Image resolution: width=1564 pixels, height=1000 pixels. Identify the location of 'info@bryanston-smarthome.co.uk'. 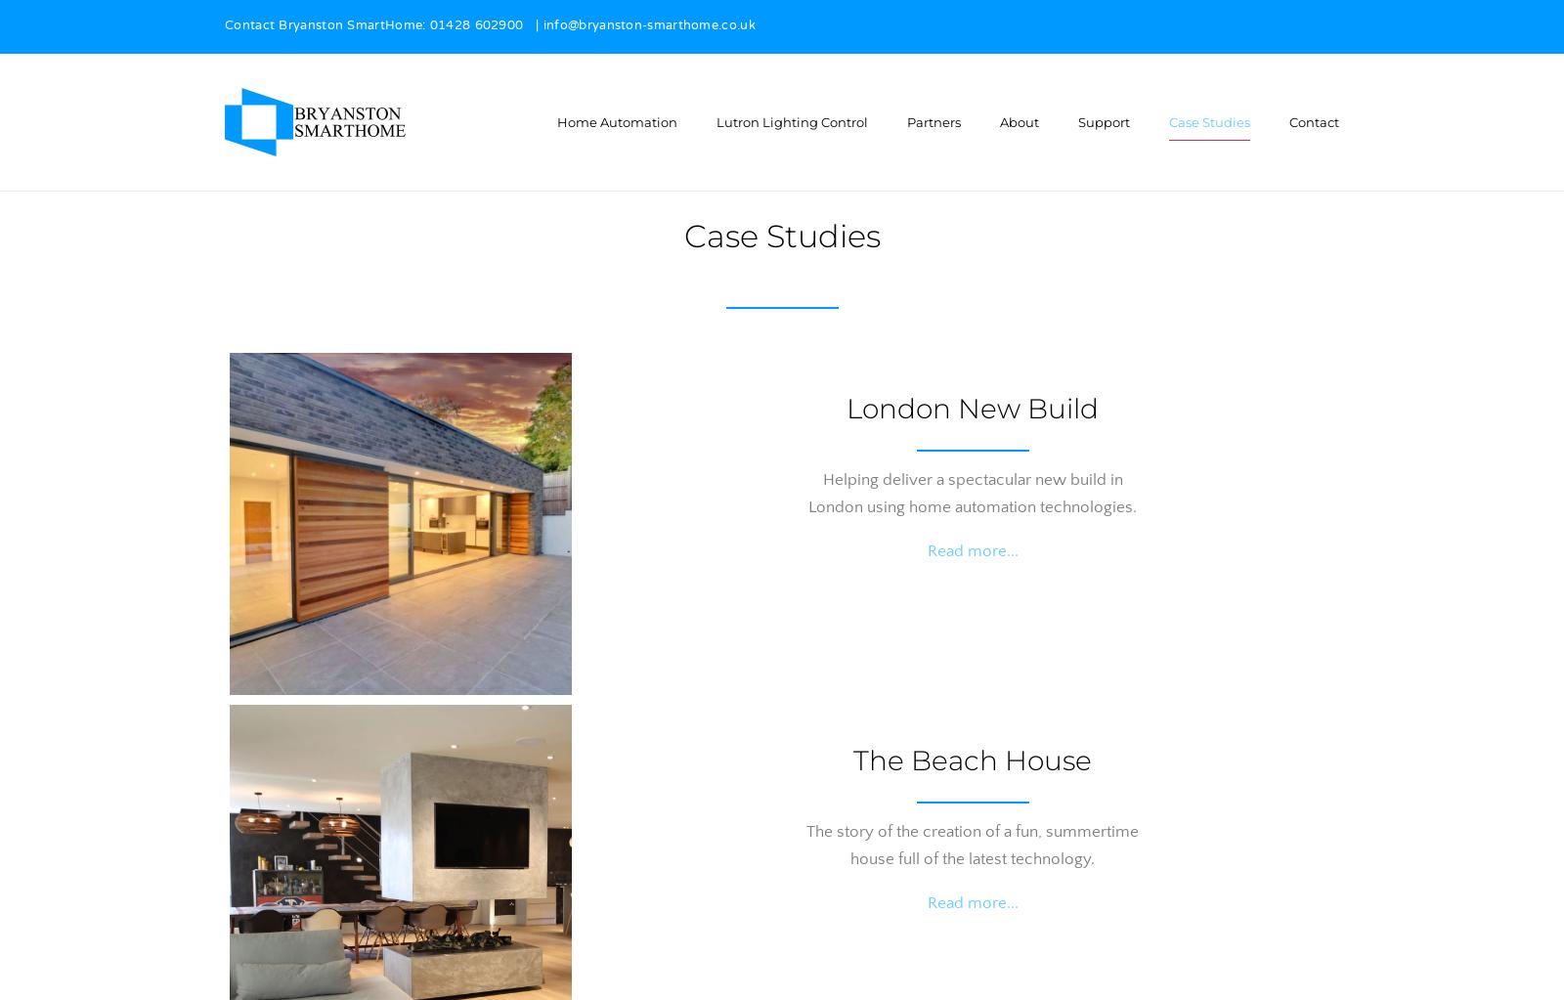
(648, 26).